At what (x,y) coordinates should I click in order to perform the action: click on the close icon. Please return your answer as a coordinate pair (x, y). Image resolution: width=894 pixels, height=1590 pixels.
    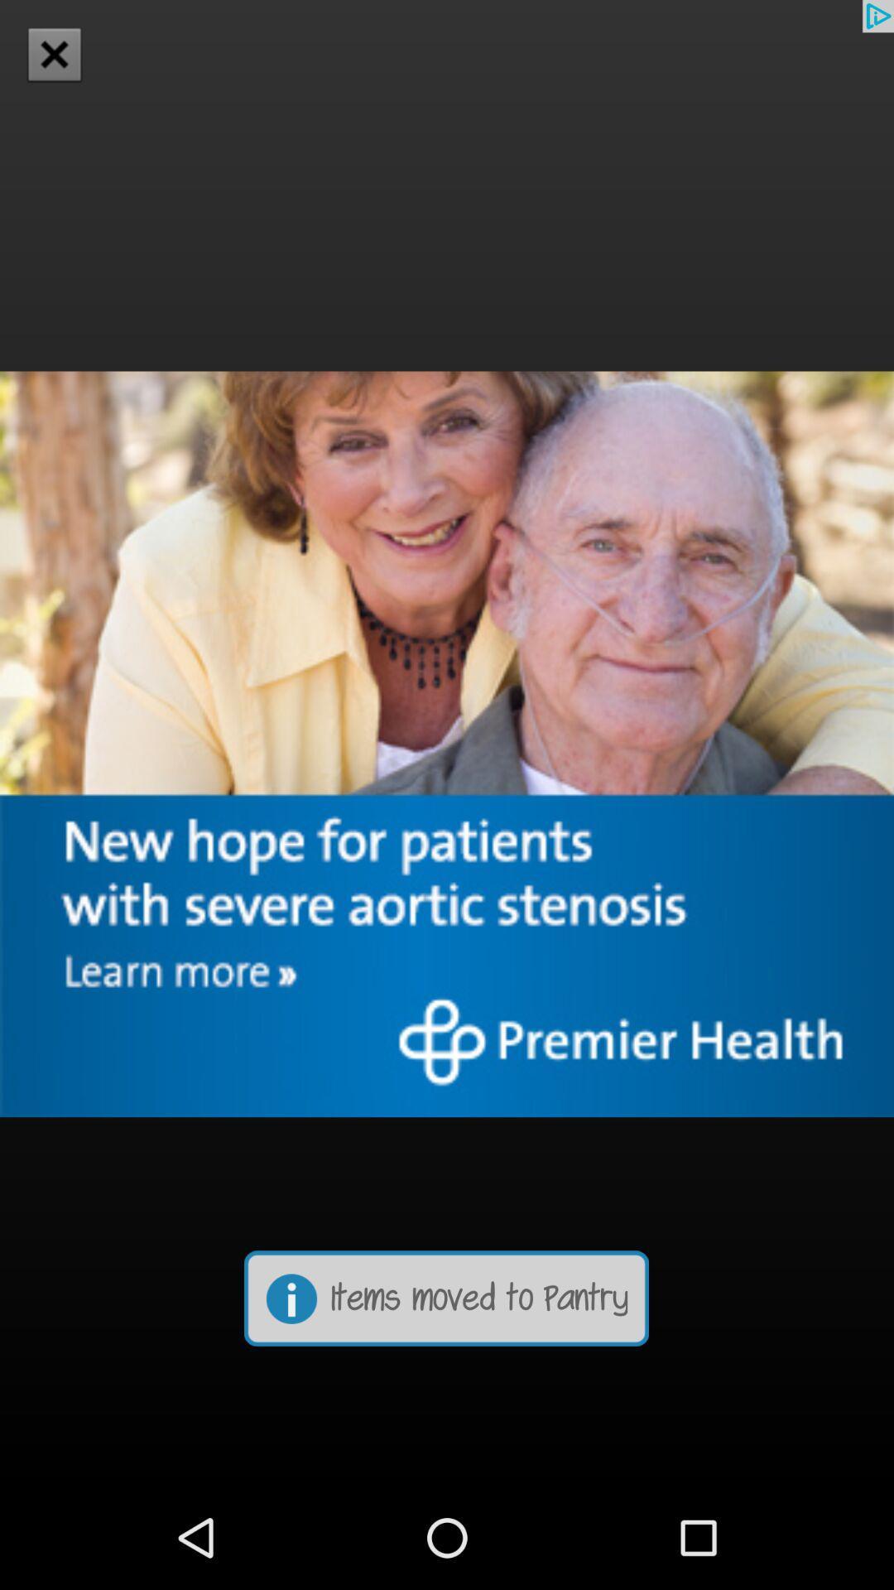
    Looking at the image, I should click on (53, 58).